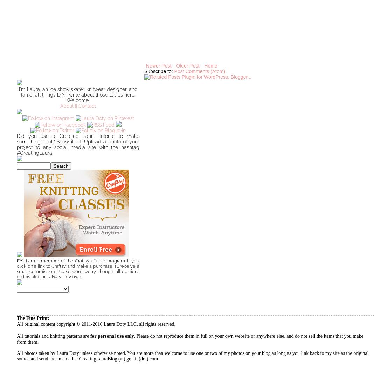 Image resolution: width=388 pixels, height=372 pixels. I want to click on 'About || Contact', so click(78, 106).